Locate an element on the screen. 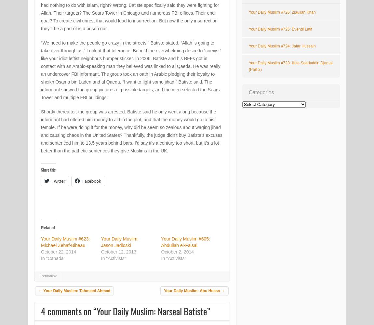 The image size is (374, 325). 'Shortly thereafter, the group was arrested. Batiste said he only went along because the informant had offered him money to aid in the plot, and that the money would go to his temple. If he were doing it for the money, why did he seem so zealous about waging jihad and causing chaos in the United States? Thankfully, the judge didn’t buy Batiste’s excuses and sentenced him to 13.5 years behind bars. I’d say it’s a century too short, but it’s a lot better than the pathetic sentences they give Muslims in the UK.' is located at coordinates (132, 131).